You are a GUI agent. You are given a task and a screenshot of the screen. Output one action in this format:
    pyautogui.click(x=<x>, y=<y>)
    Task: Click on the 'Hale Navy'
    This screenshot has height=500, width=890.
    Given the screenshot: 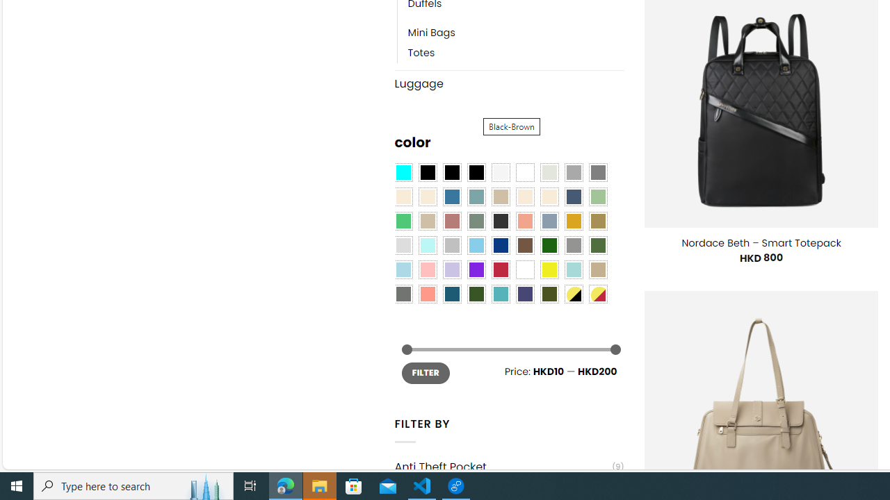 What is the action you would take?
    pyautogui.click(x=573, y=197)
    